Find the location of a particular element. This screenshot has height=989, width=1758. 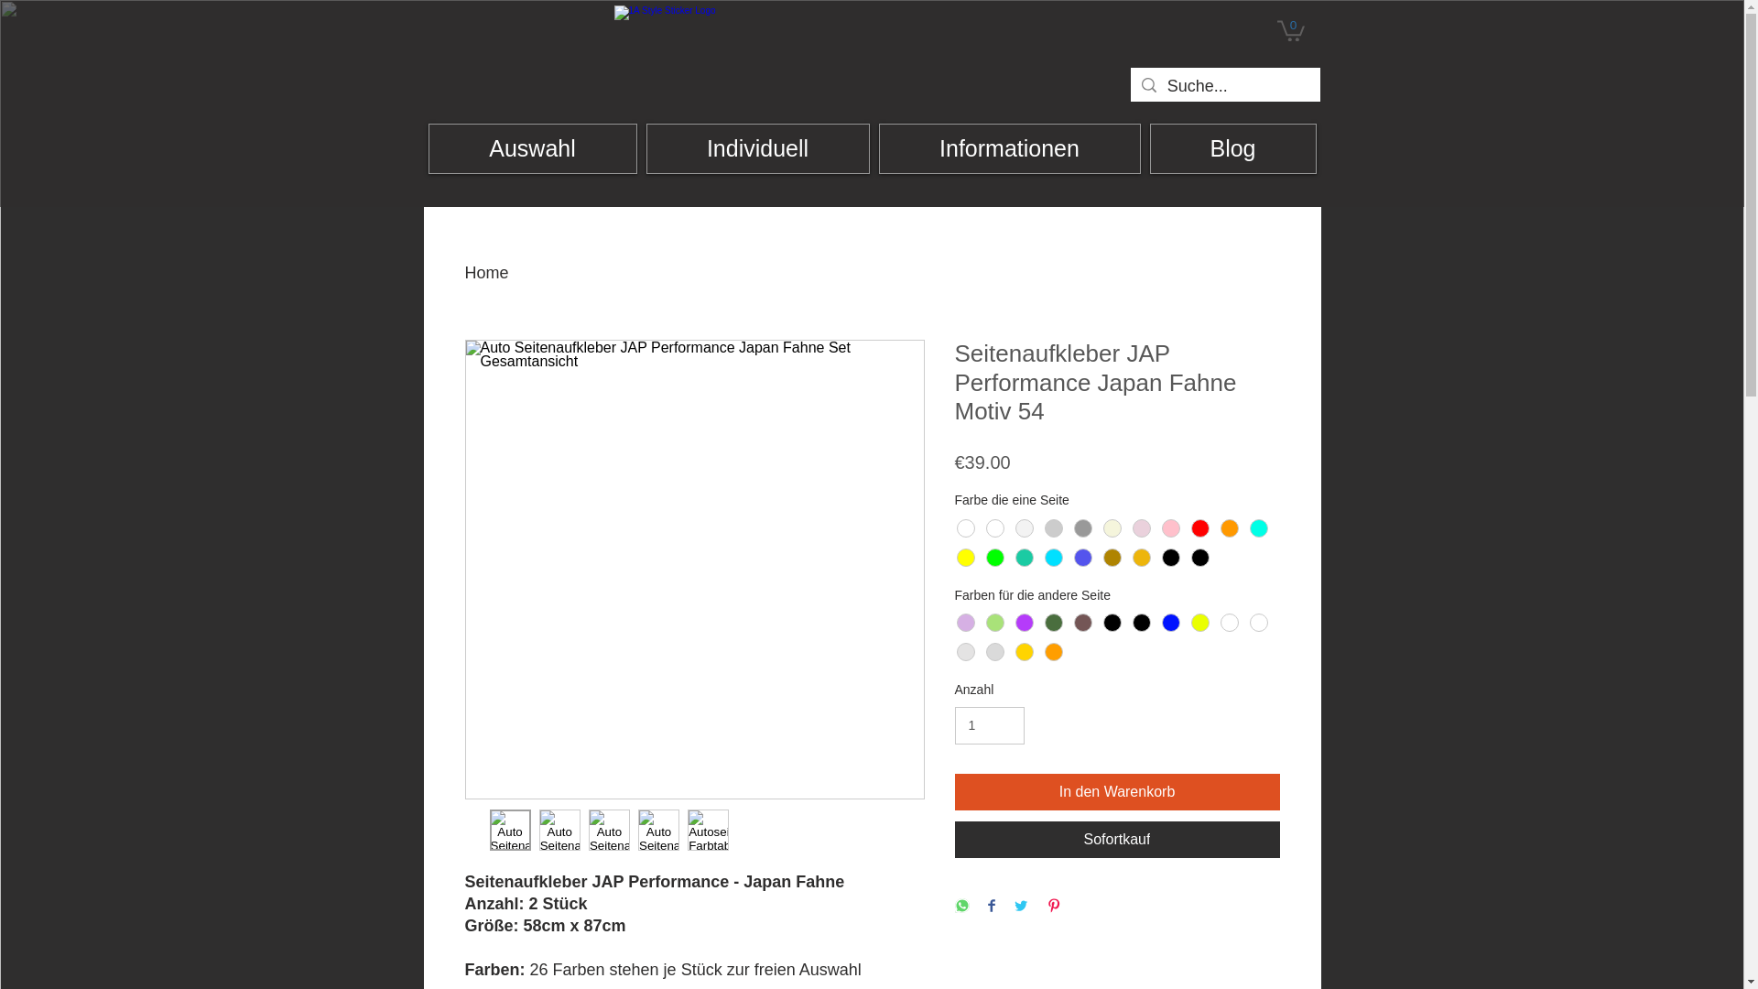

'Individuell' is located at coordinates (758, 147).